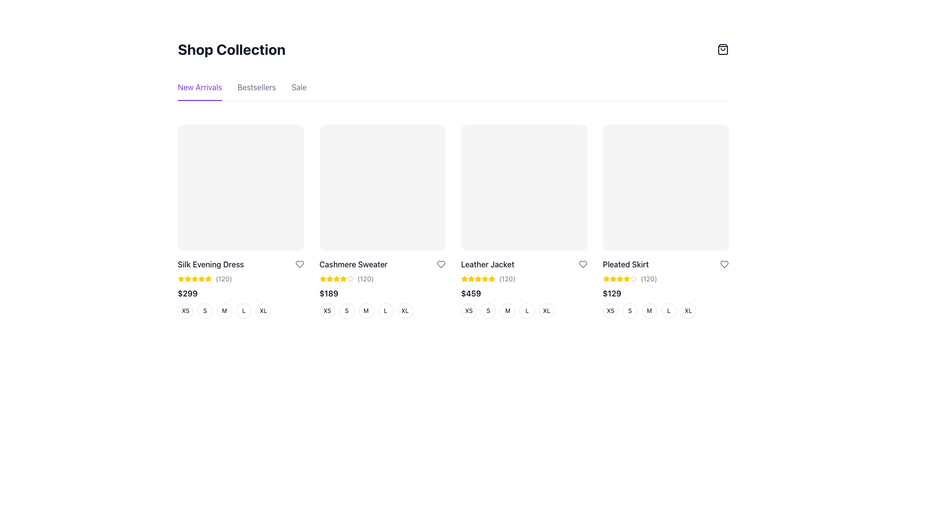 The image size is (933, 524). I want to click on the third star icon representing a three-star rating for the 'Silk Evening Dress' product in the product listing, so click(188, 278).